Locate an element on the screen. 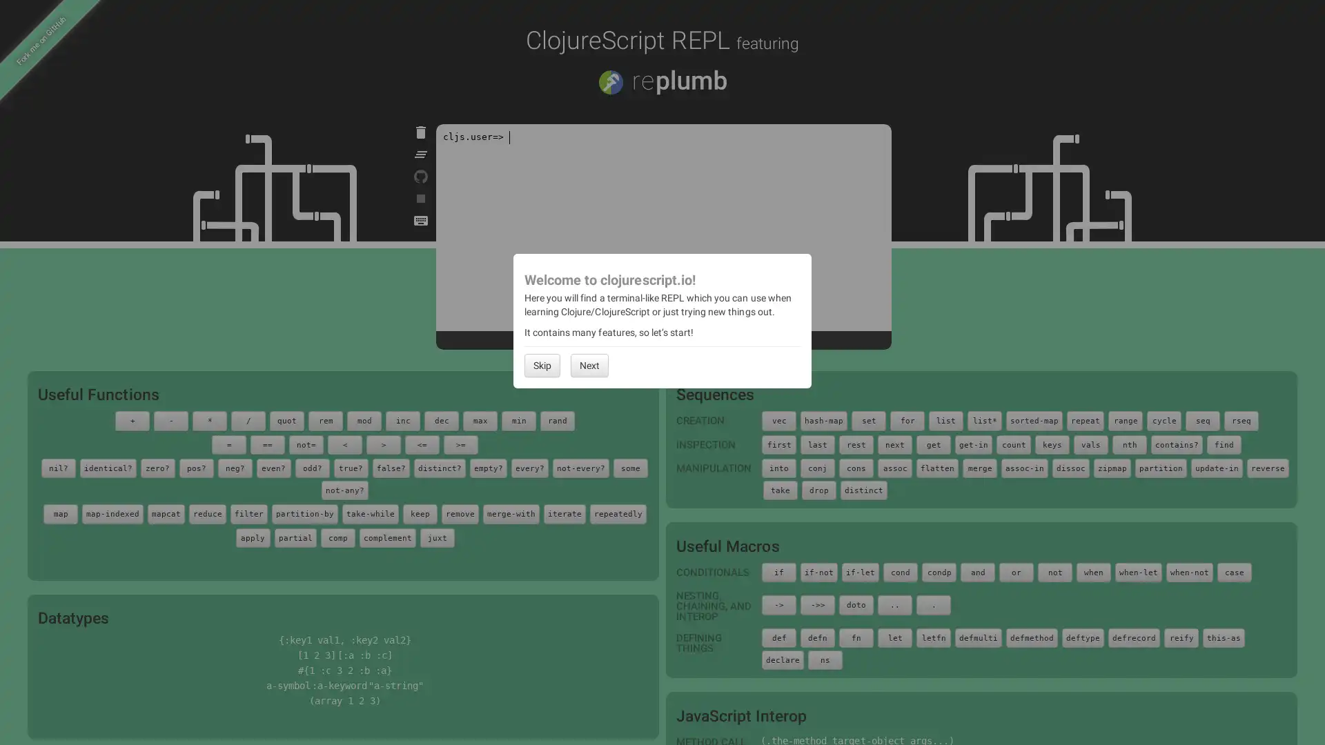 This screenshot has height=745, width=1325. zipmap is located at coordinates (1112, 467).